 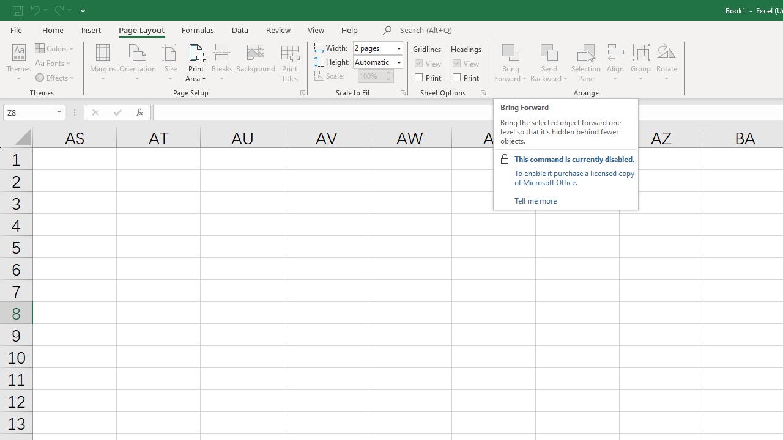 I want to click on 'Group', so click(x=640, y=63).